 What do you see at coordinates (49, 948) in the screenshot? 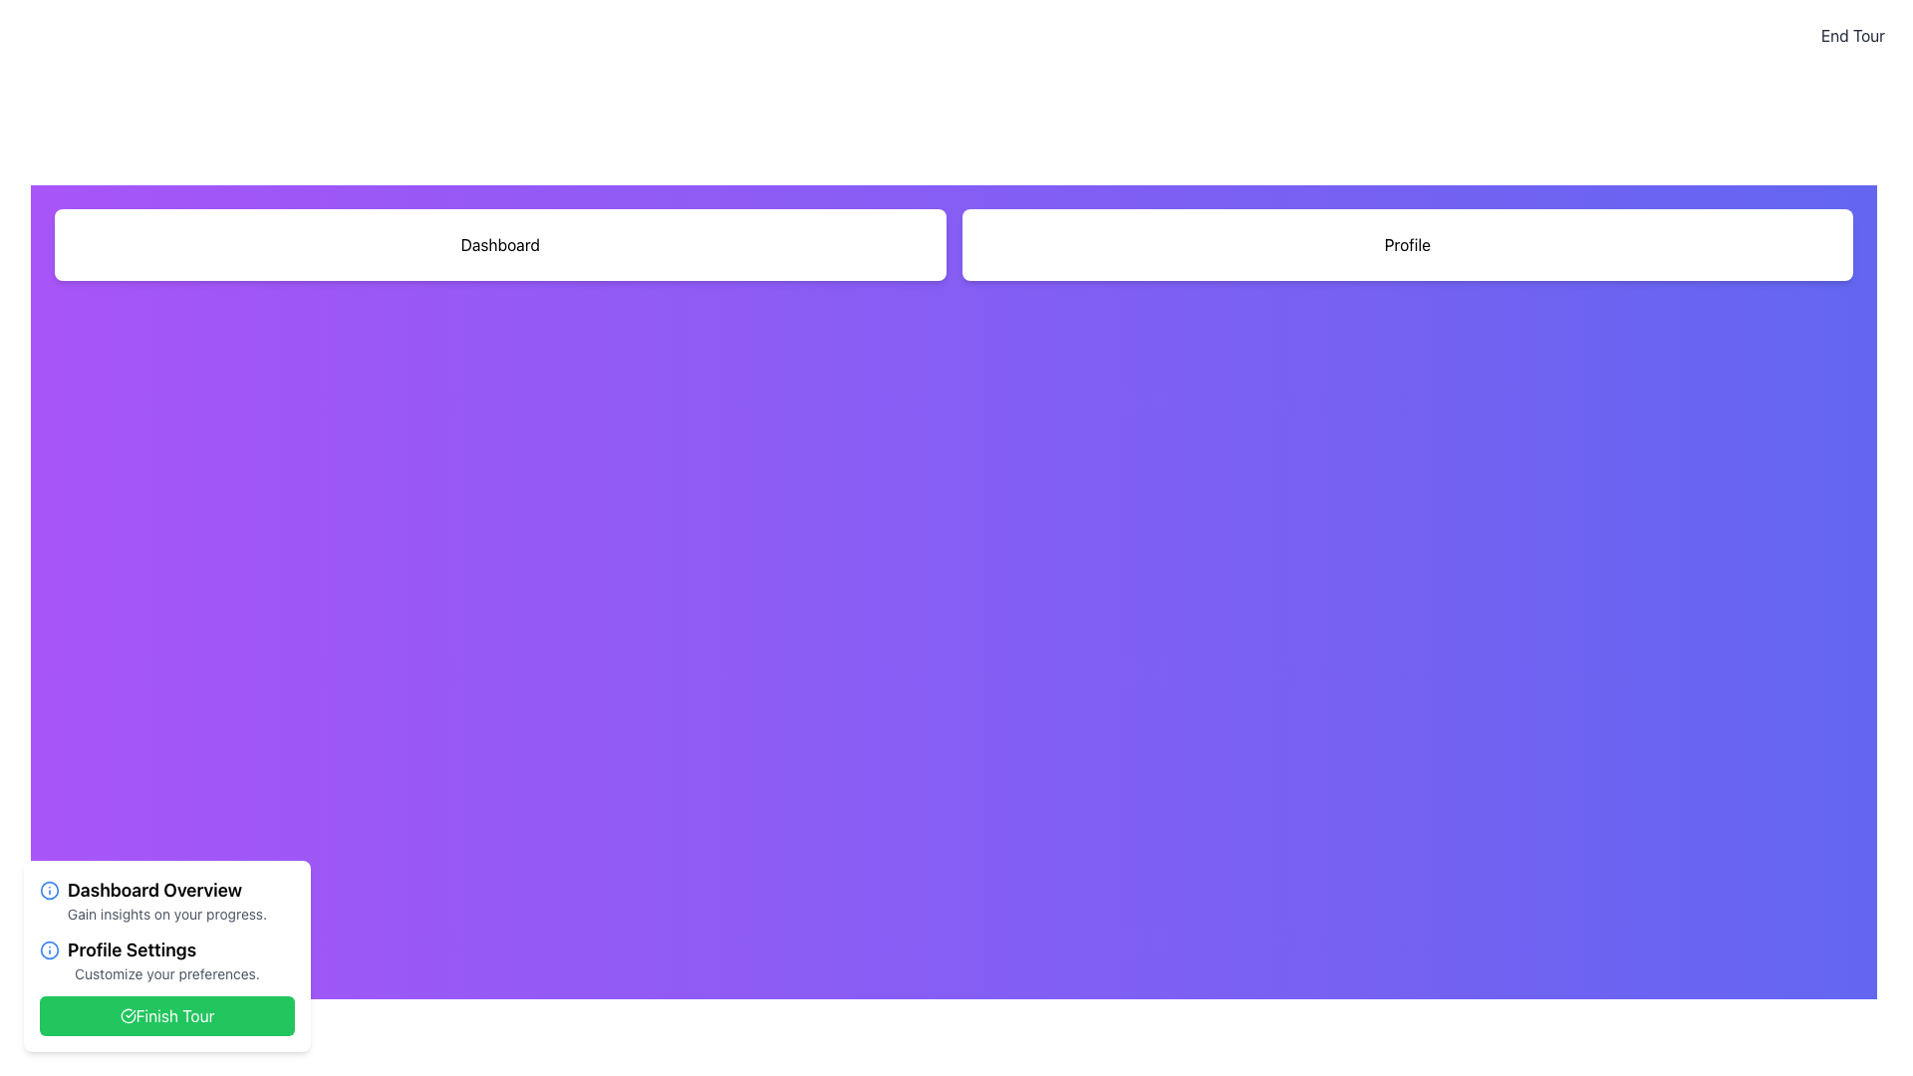
I see `the Decorative Icon, which is a circular outline with a blue stroke located next to the 'Dashboard Overview' text in the bottom-left corner of the interface` at bounding box center [49, 948].